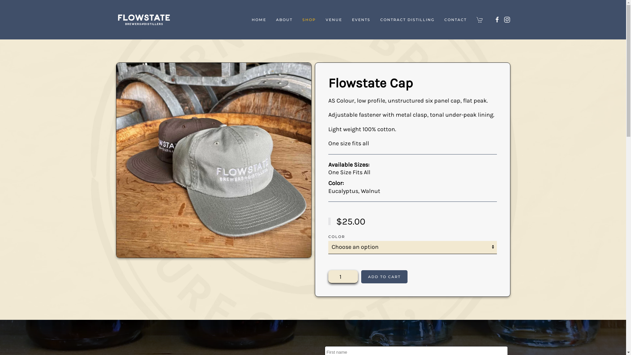 The image size is (631, 355). What do you see at coordinates (384, 276) in the screenshot?
I see `'ADD TO CART'` at bounding box center [384, 276].